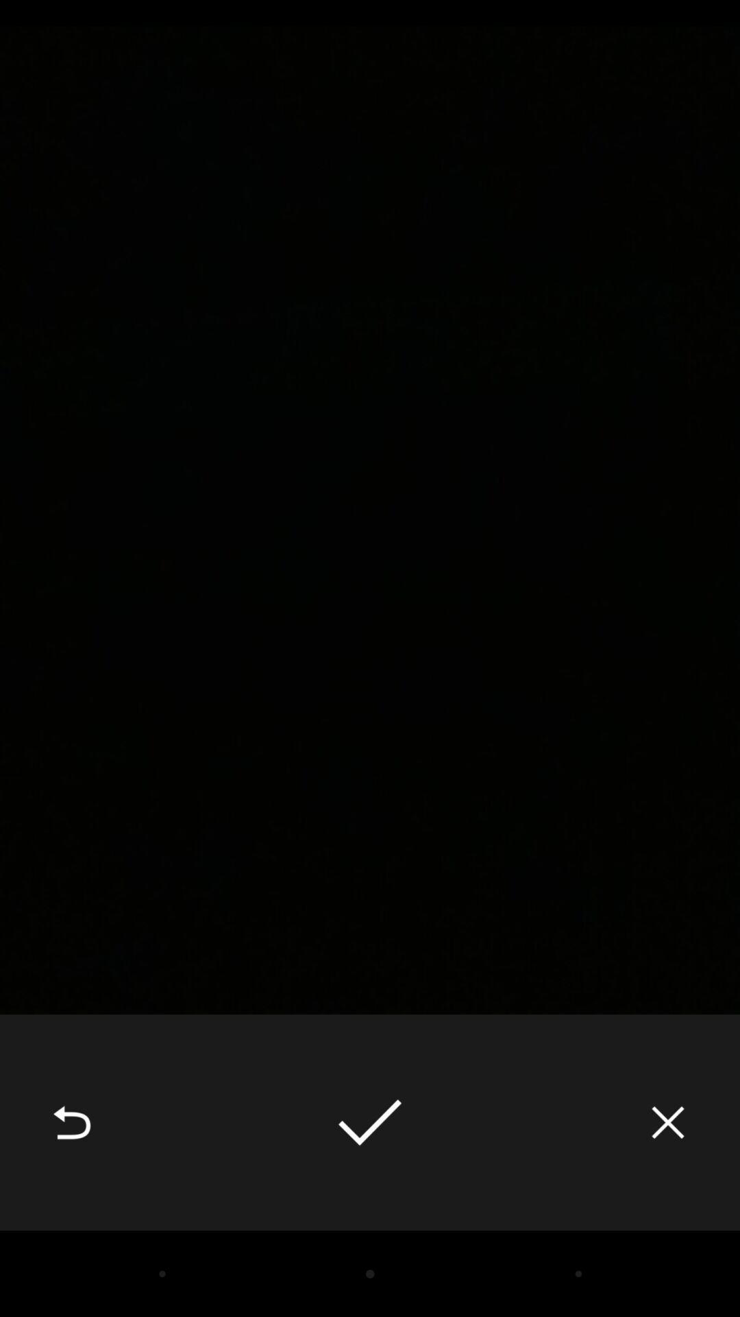 The image size is (740, 1317). What do you see at coordinates (667, 1122) in the screenshot?
I see `the icon at the bottom right corner` at bounding box center [667, 1122].